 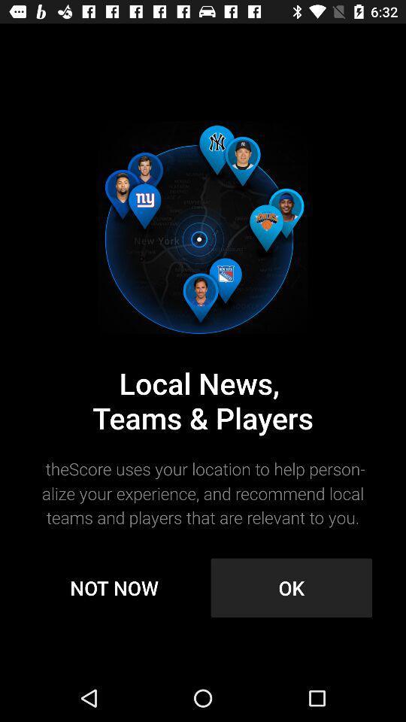 What do you see at coordinates (291, 587) in the screenshot?
I see `icon to the right of not now` at bounding box center [291, 587].